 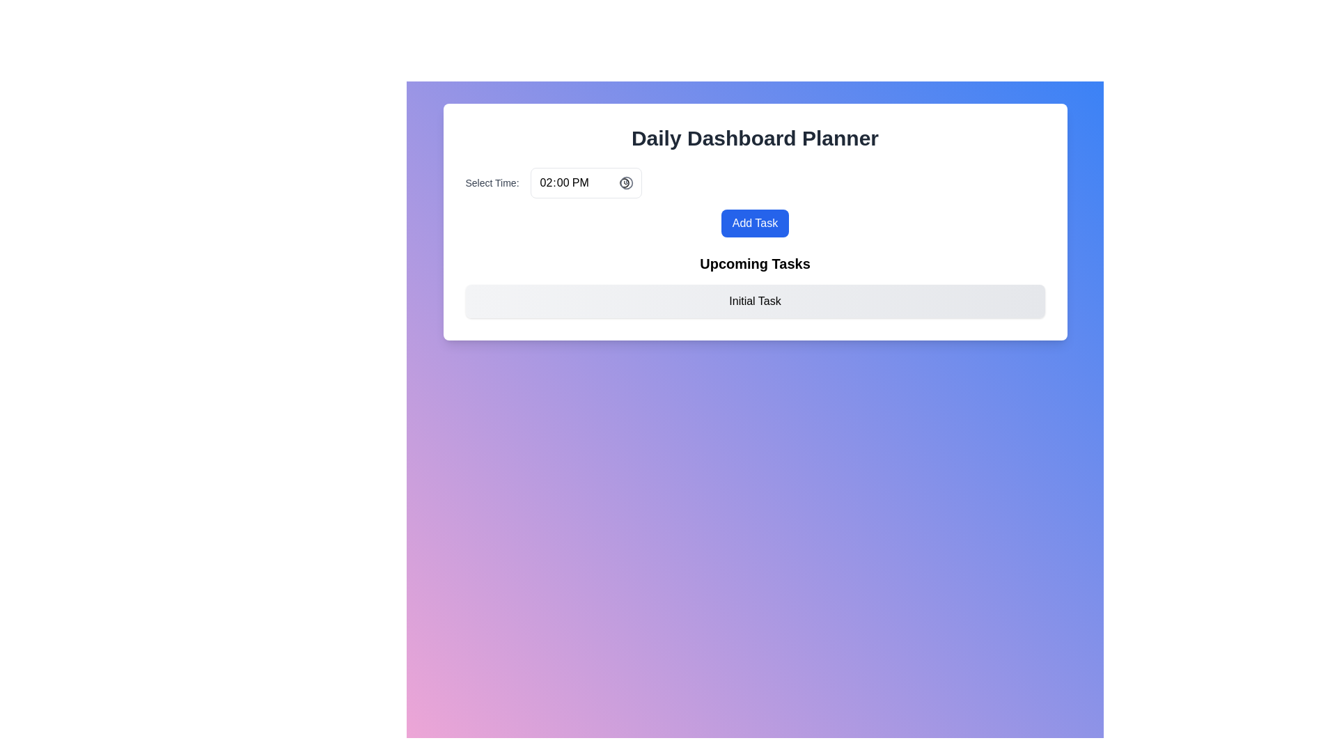 I want to click on the Text Label with the text 'Initial Task', which is a rectangular box located below the 'Upcoming Tasks' heading, so click(x=754, y=300).